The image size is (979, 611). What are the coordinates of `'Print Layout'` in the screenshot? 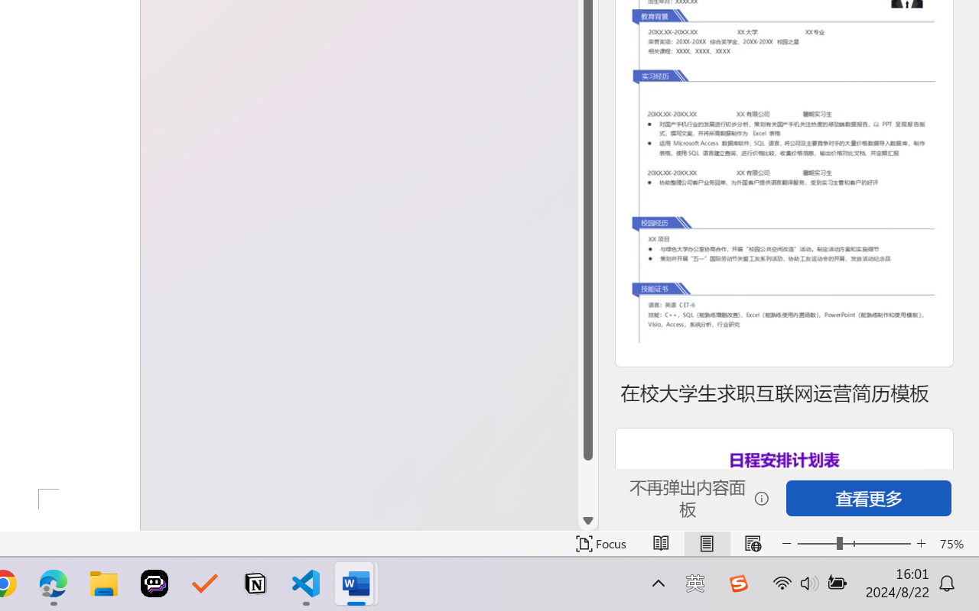 It's located at (706, 543).